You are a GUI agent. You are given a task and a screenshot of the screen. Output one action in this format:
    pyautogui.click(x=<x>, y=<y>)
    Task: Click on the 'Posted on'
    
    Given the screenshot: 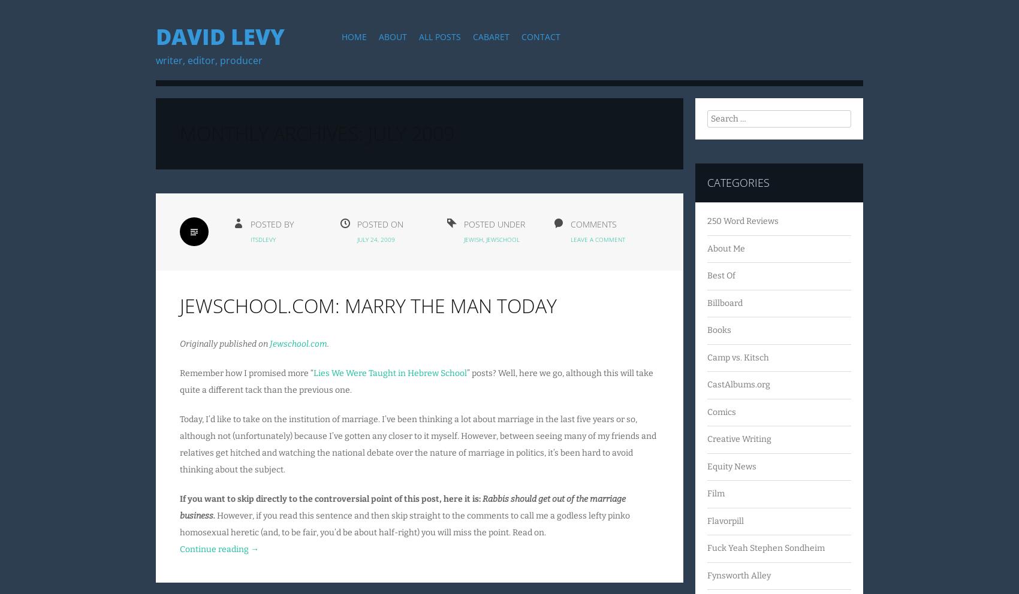 What is the action you would take?
    pyautogui.click(x=379, y=223)
    